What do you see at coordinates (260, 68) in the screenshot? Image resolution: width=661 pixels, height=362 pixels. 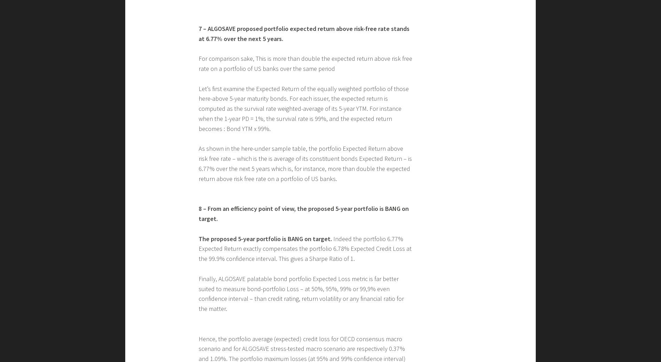 I see `'and here.'` at bounding box center [260, 68].